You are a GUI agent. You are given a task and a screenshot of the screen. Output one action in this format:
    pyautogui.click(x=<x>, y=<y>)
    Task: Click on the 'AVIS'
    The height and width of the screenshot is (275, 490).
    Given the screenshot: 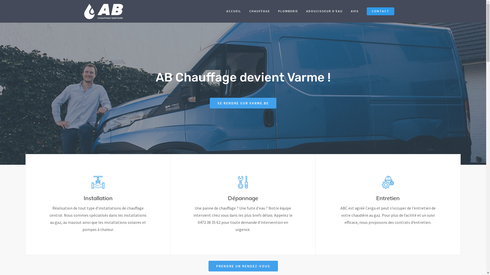 What is the action you would take?
    pyautogui.click(x=354, y=13)
    